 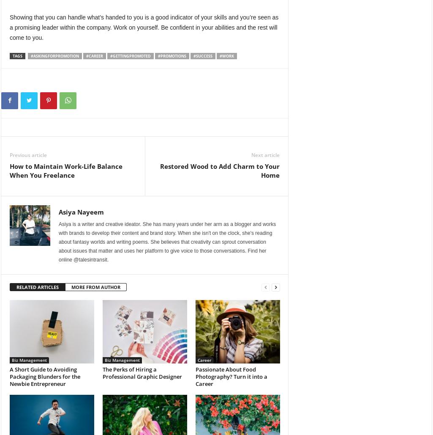 What do you see at coordinates (144, 27) in the screenshot?
I see `'Showing that you can handle what’s handed to you is a good indicator of your skills and you’re seen as a promising leader within the company. Work on yourself. Be confident in your abilities and the rest will come to you.'` at bounding box center [144, 27].